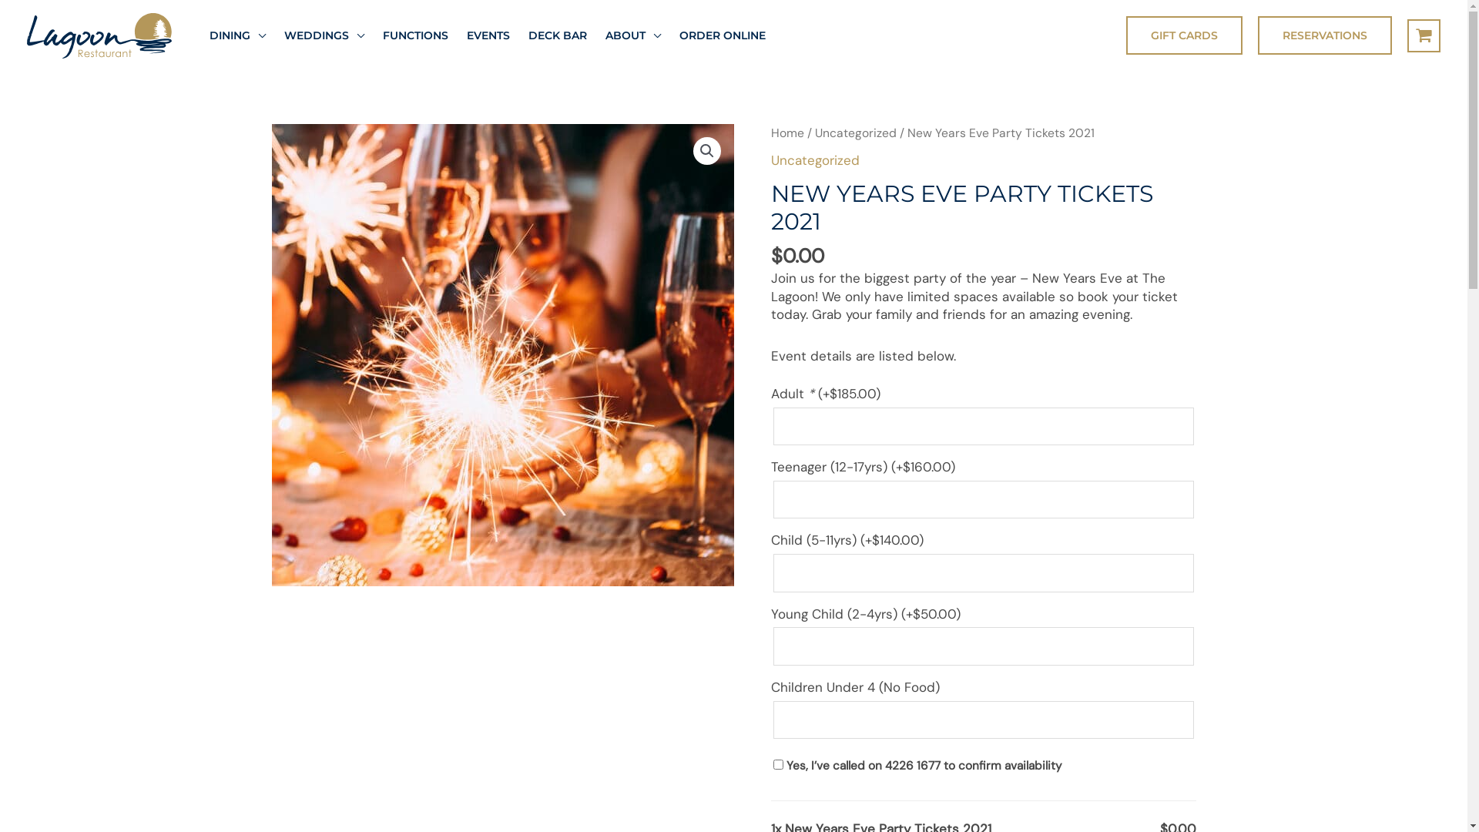 The height and width of the screenshot is (832, 1479). I want to click on 'EVENTS', so click(487, 35).